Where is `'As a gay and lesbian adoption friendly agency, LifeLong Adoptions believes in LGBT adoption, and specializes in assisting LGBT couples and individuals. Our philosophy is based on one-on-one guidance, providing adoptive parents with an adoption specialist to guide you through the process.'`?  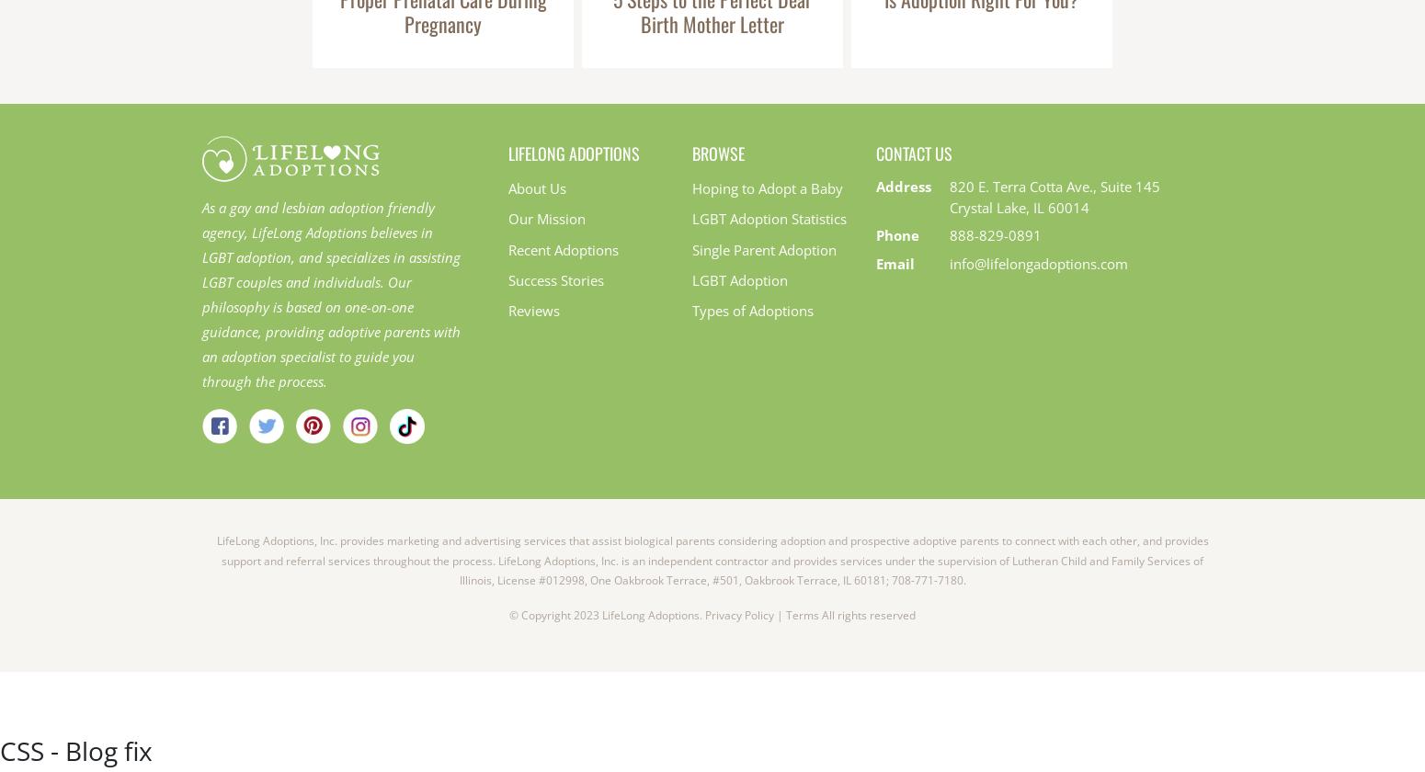
'As a gay and lesbian adoption friendly agency, LifeLong Adoptions believes in LGBT adoption, and specializes in assisting LGBT couples and individuals. Our philosophy is based on one-on-one guidance, providing adoptive parents with an adoption specialist to guide you through the process.' is located at coordinates (330, 293).